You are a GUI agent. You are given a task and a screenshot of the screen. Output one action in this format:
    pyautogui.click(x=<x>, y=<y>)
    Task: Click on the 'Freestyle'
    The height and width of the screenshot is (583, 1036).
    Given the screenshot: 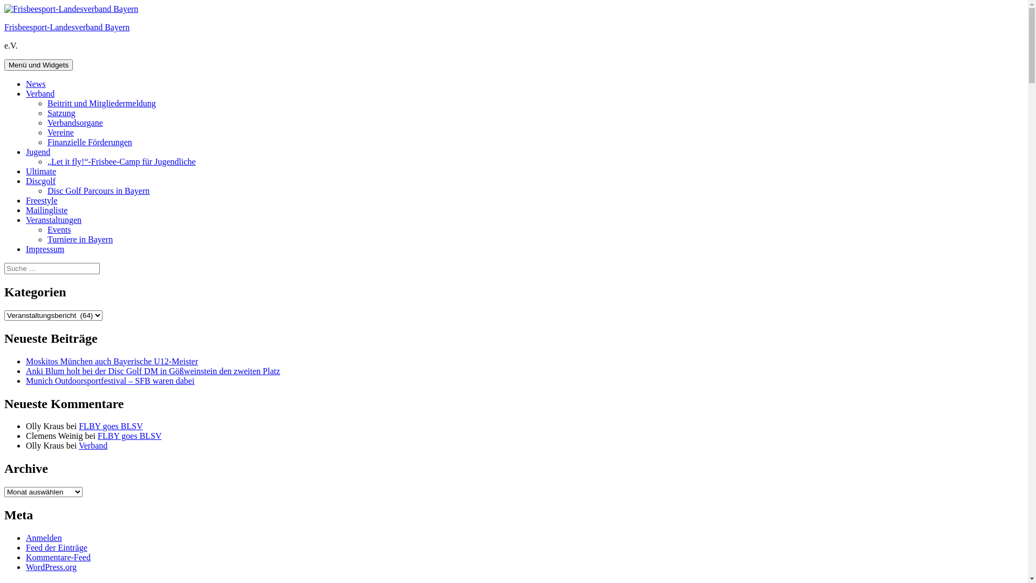 What is the action you would take?
    pyautogui.click(x=42, y=200)
    